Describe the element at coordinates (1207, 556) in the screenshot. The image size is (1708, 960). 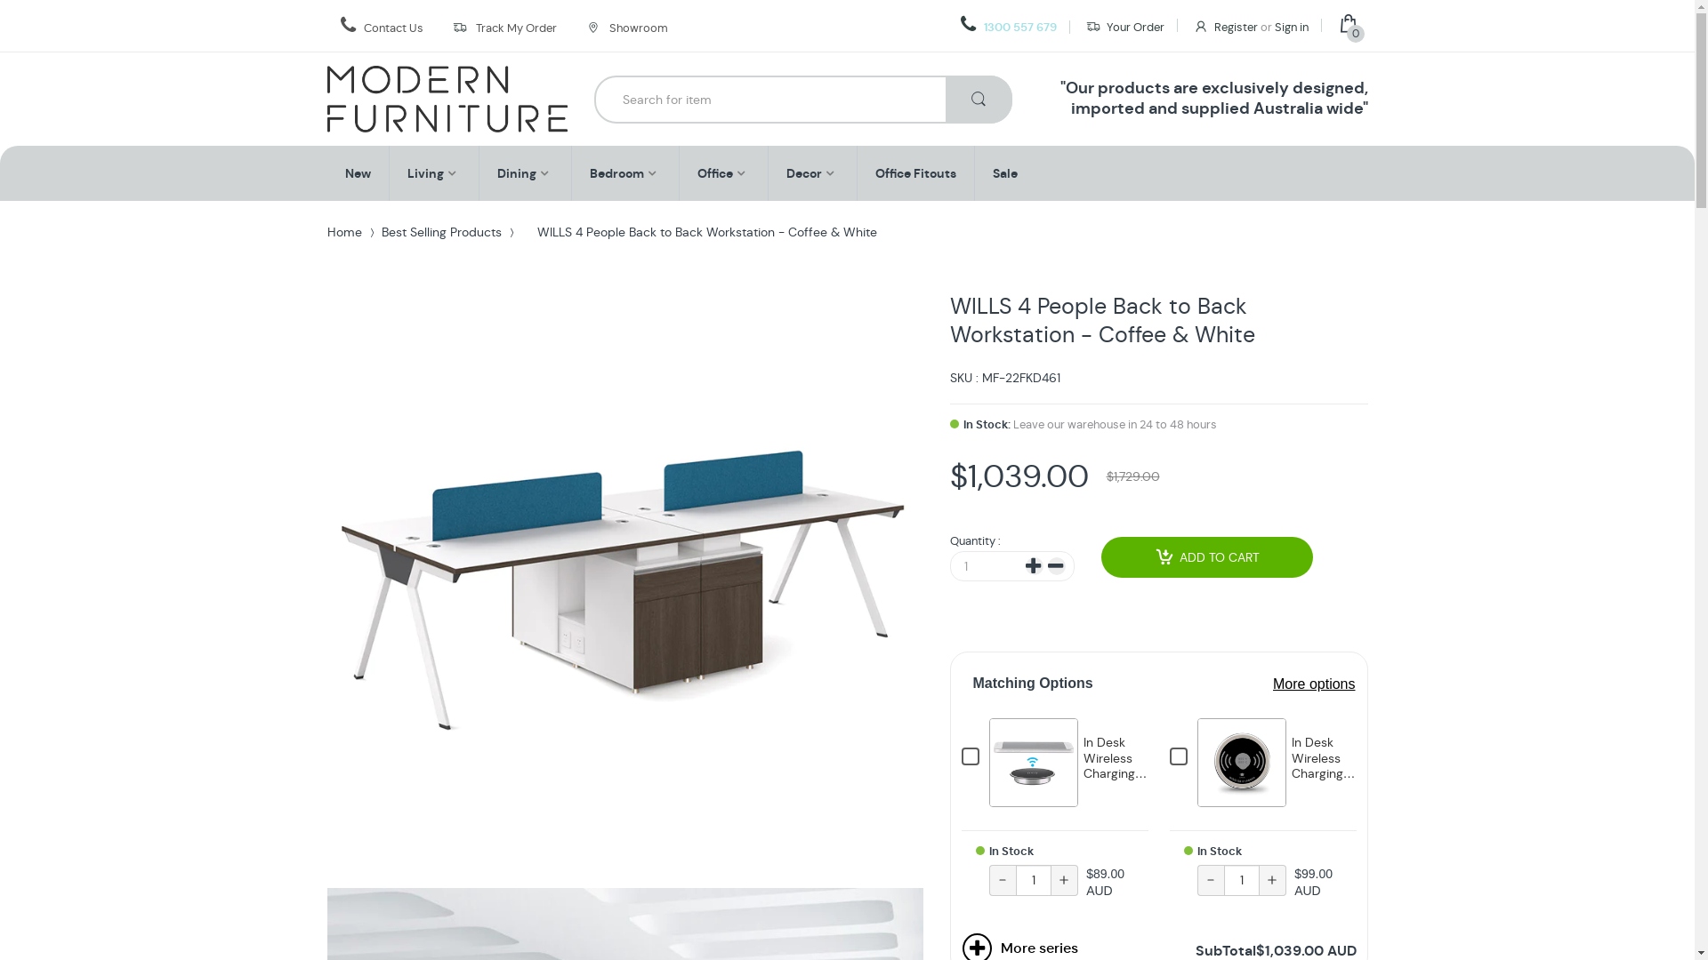
I see `'ADD TO CART'` at that location.